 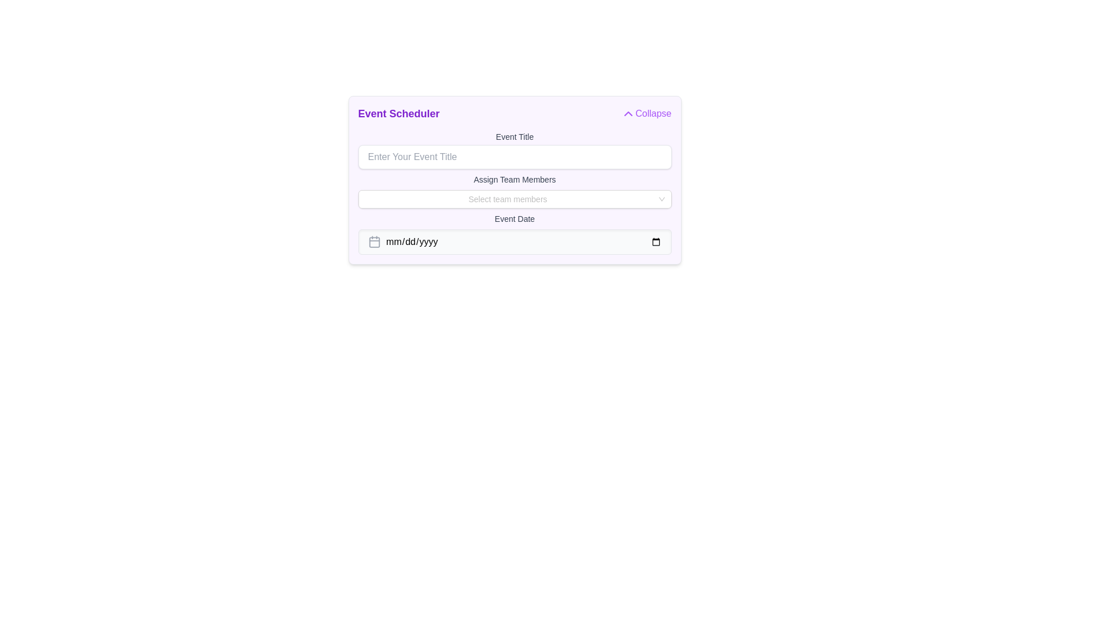 What do you see at coordinates (514, 136) in the screenshot?
I see `the static label indicating the purpose of the input field for the event title in the 'Event Scheduler' form` at bounding box center [514, 136].